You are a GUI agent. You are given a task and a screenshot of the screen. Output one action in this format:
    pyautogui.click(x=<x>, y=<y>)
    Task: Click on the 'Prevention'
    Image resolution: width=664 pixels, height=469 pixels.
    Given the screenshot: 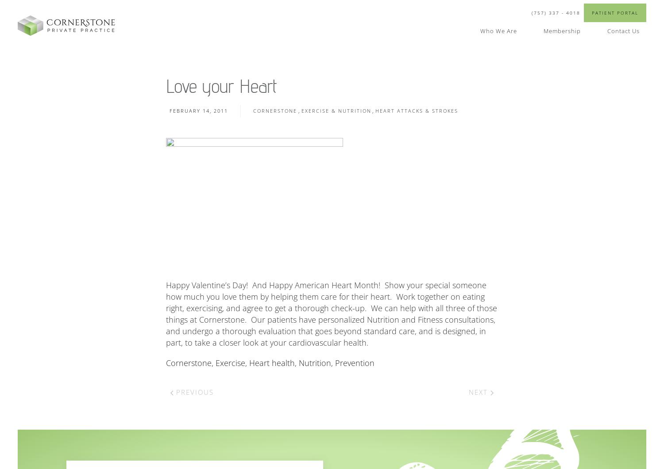 What is the action you would take?
    pyautogui.click(x=355, y=363)
    